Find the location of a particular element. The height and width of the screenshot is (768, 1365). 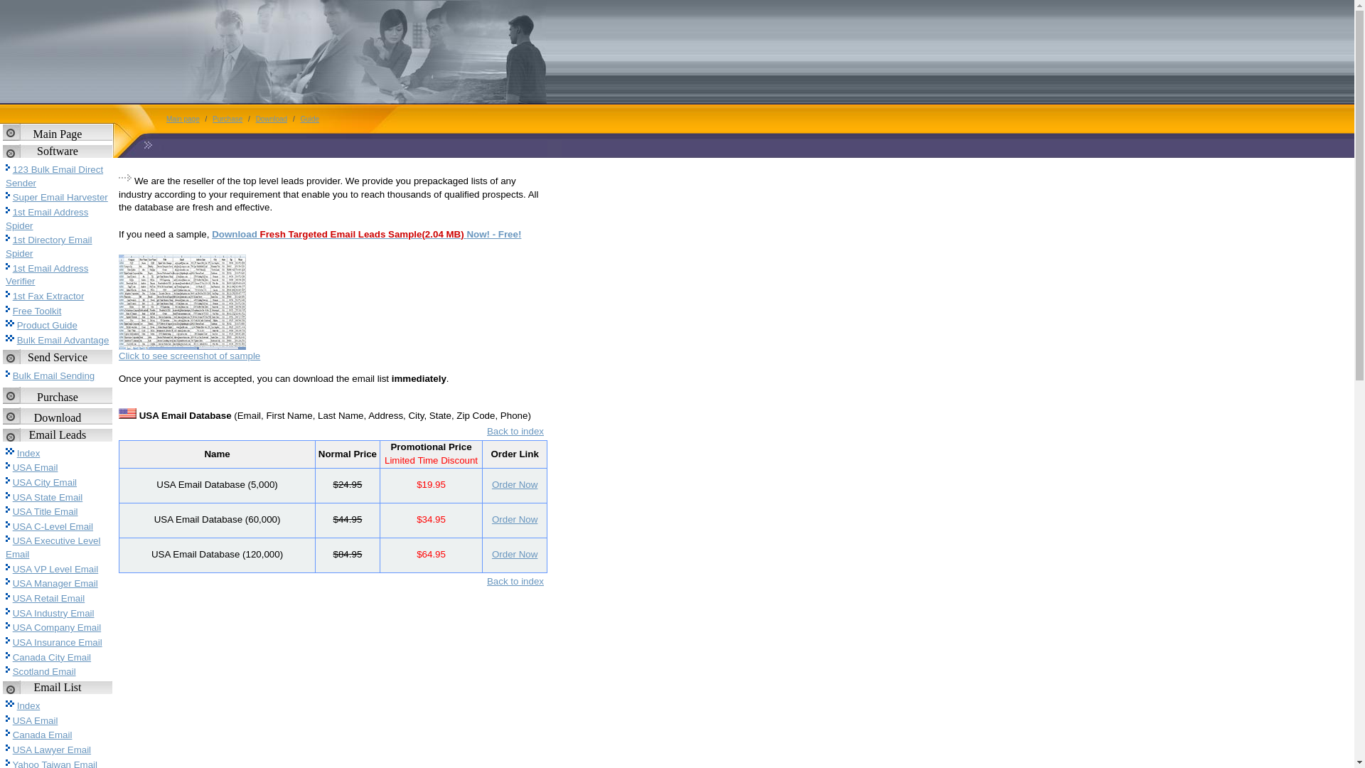

'Index' is located at coordinates (28, 705).